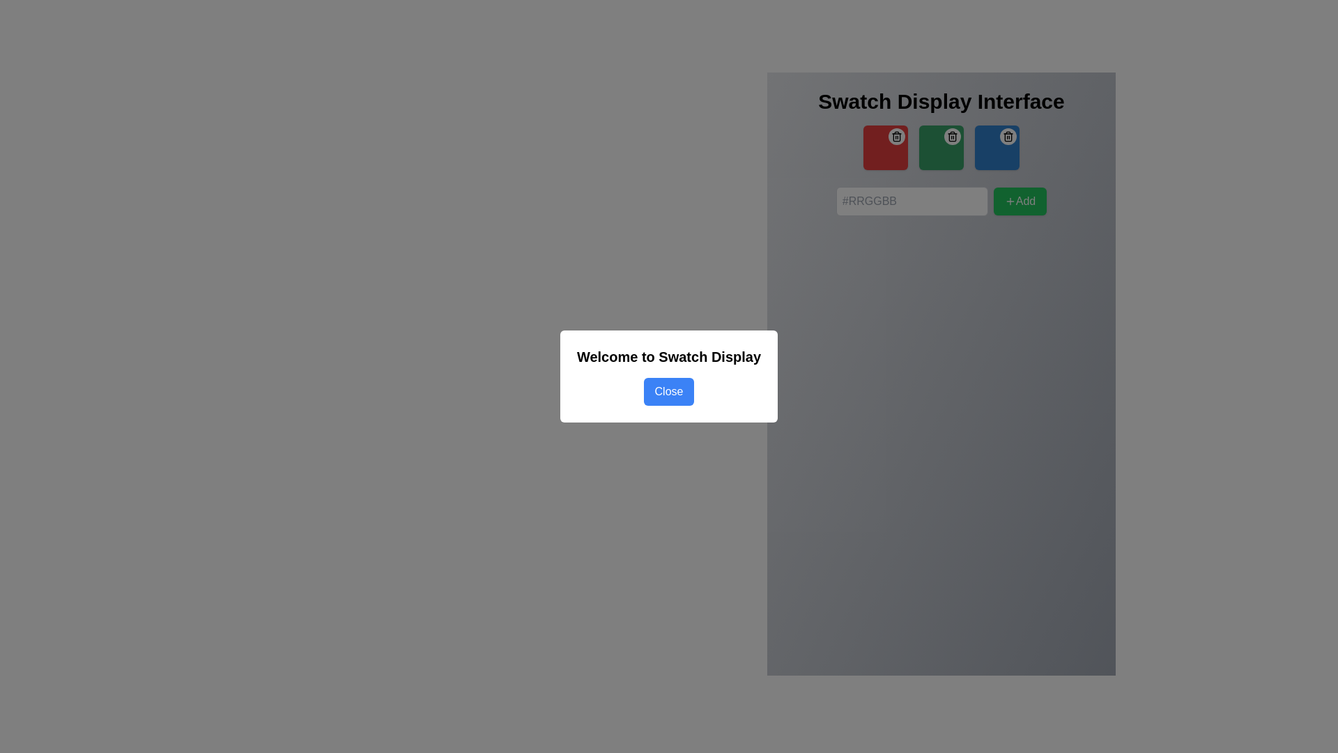 This screenshot has height=753, width=1338. What do you see at coordinates (896, 137) in the screenshot?
I see `the trash icon located in the top-right corner of the red swatch` at bounding box center [896, 137].